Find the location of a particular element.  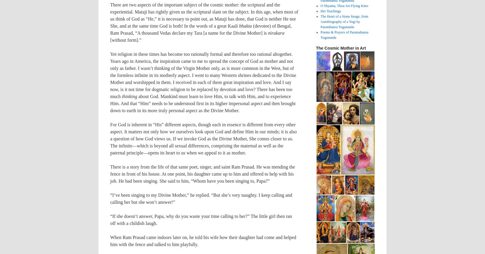

'The Heart of a Stone Image, from Autobiography of a Yogi by Paramhansa Yogananda' is located at coordinates (344, 21).